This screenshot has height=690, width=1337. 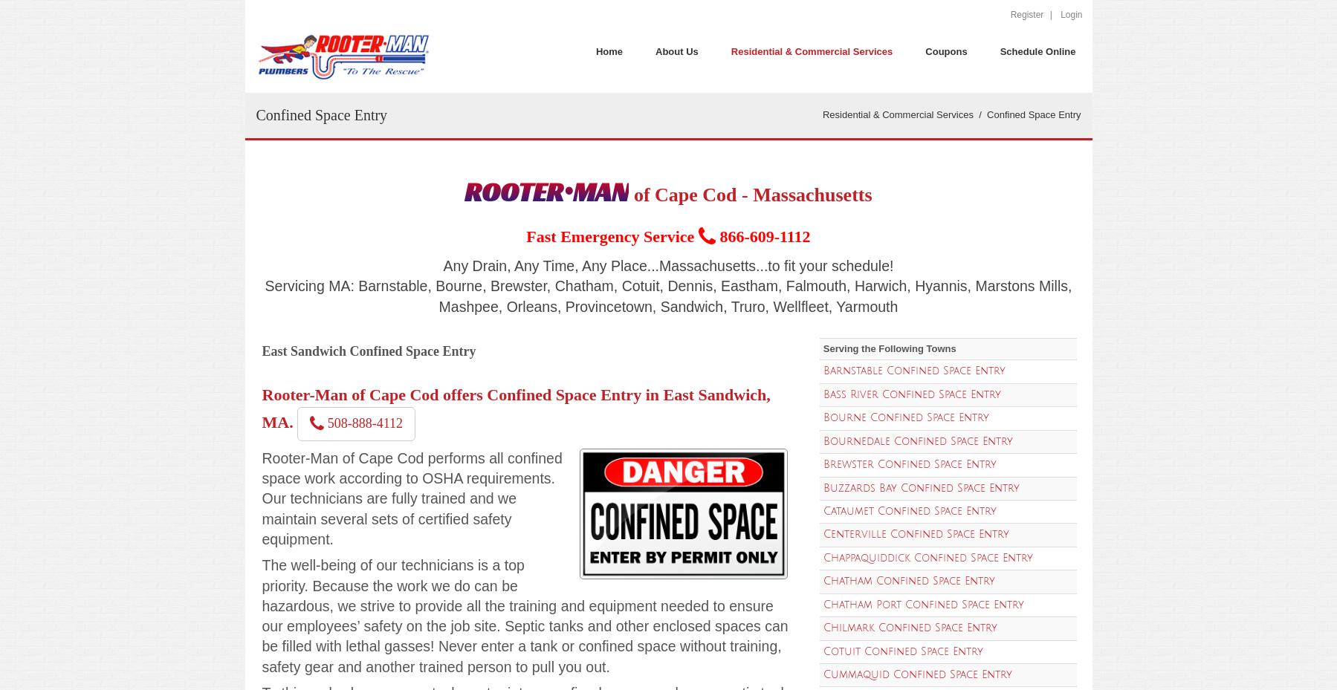 I want to click on 'Rooter-Man of Cape Cod offers Confined Space Entry in East Sandwich, MA.', so click(x=516, y=408).